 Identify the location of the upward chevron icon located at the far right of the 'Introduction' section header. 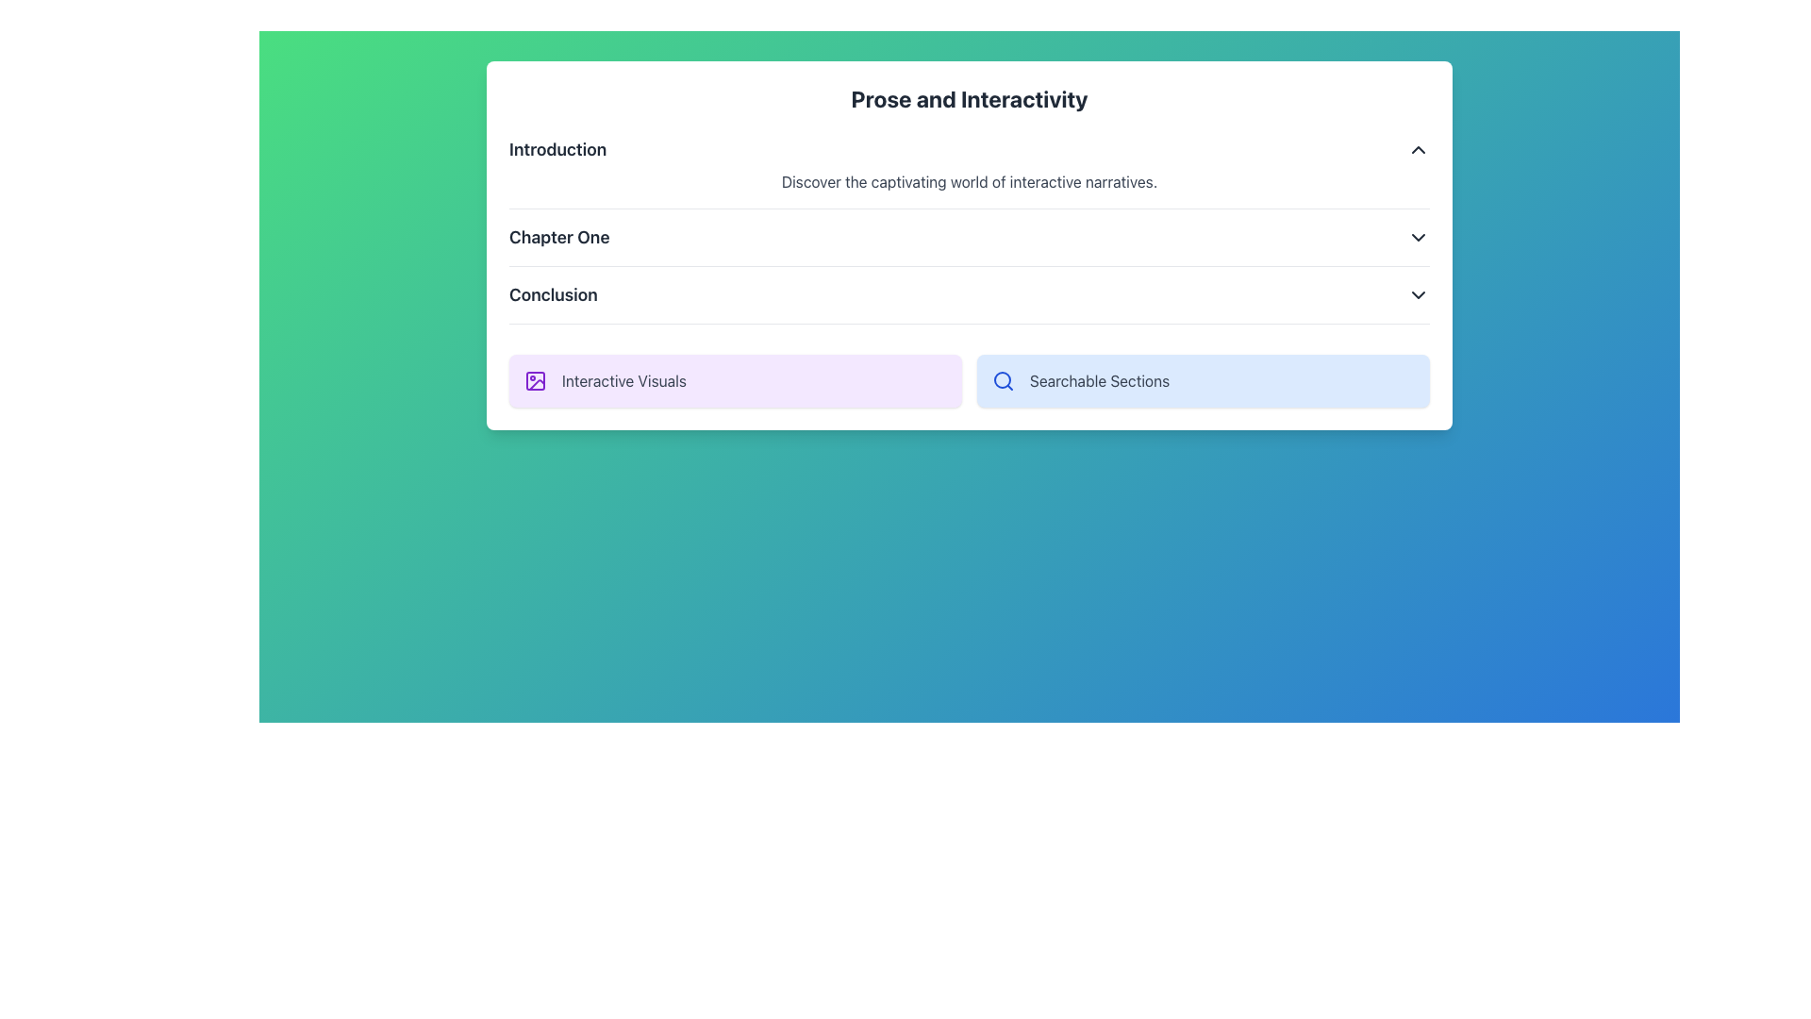
(1418, 148).